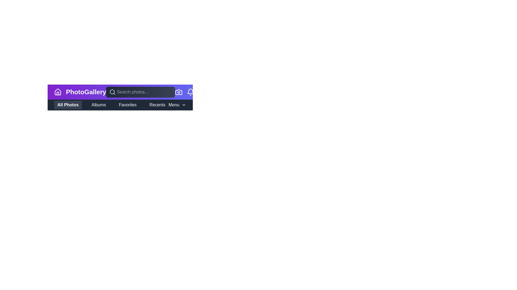  I want to click on the 'Menu' button to toggle the submenu visibility, so click(184, 105).